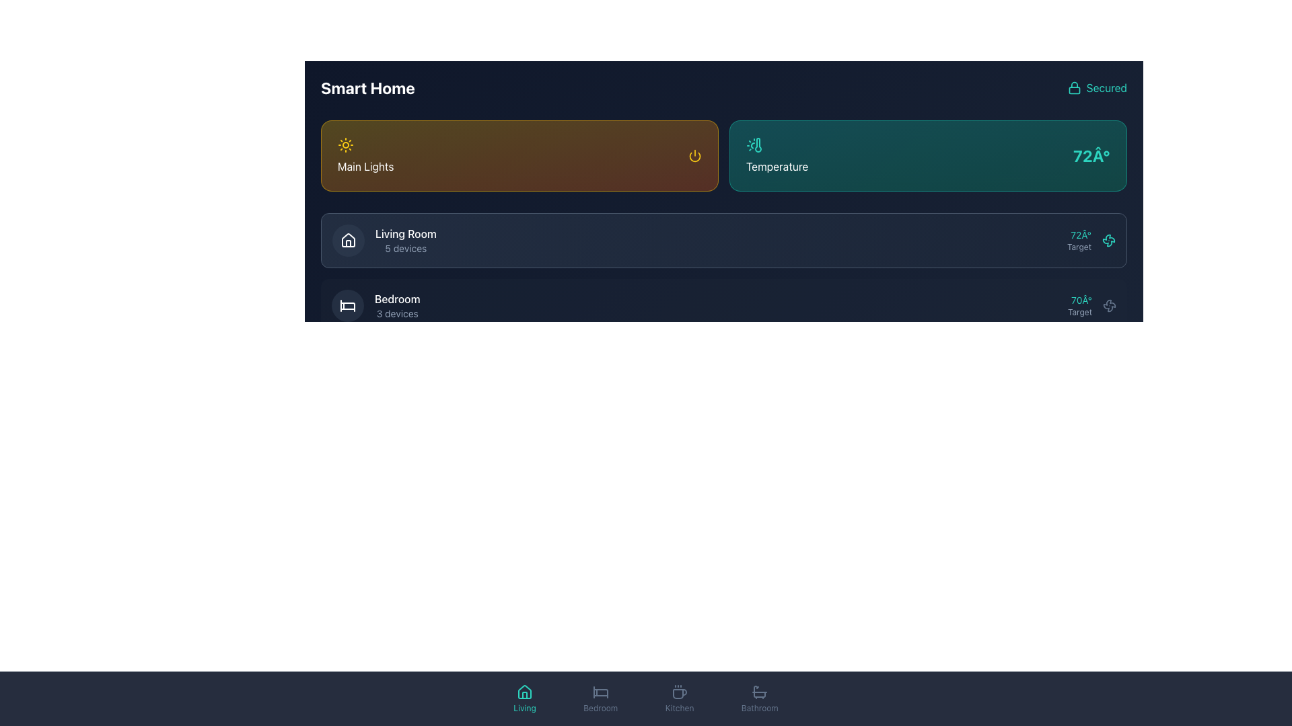  I want to click on the 'Bedroom' card item, so click(723, 306).